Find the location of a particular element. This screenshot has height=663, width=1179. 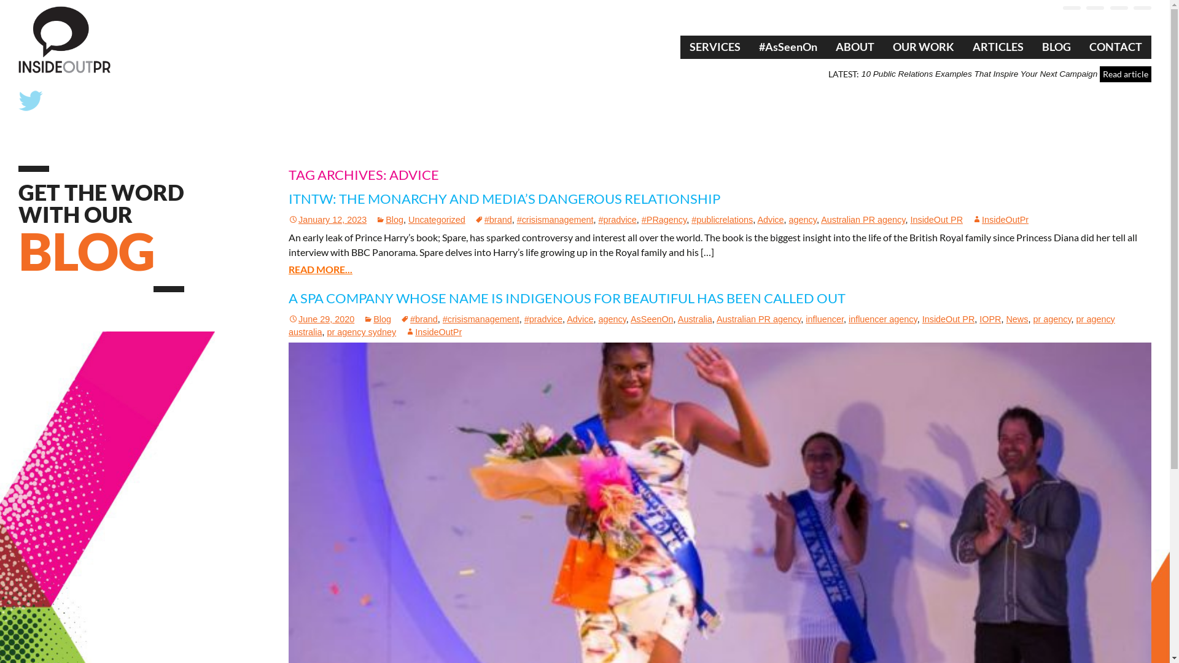

'January 12, 2023' is located at coordinates (288, 219).